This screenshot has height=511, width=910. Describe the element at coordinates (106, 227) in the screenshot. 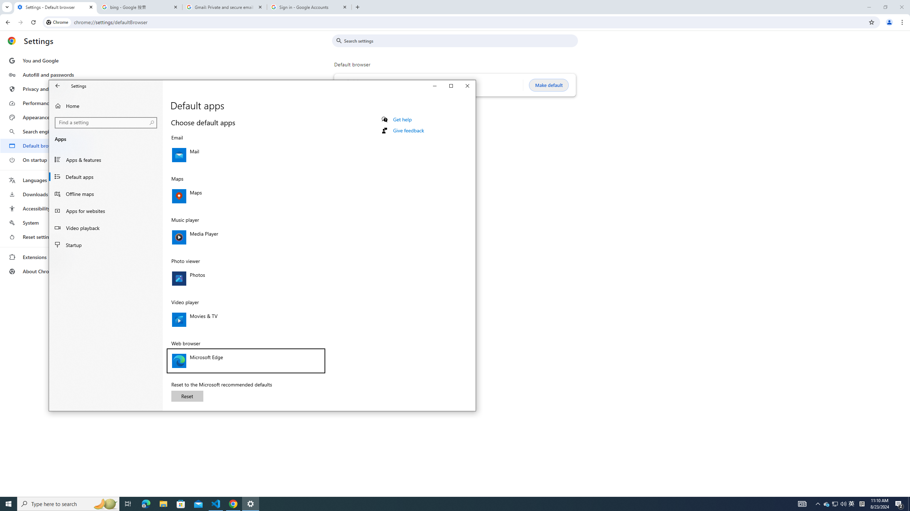

I see `'Video playback'` at that location.